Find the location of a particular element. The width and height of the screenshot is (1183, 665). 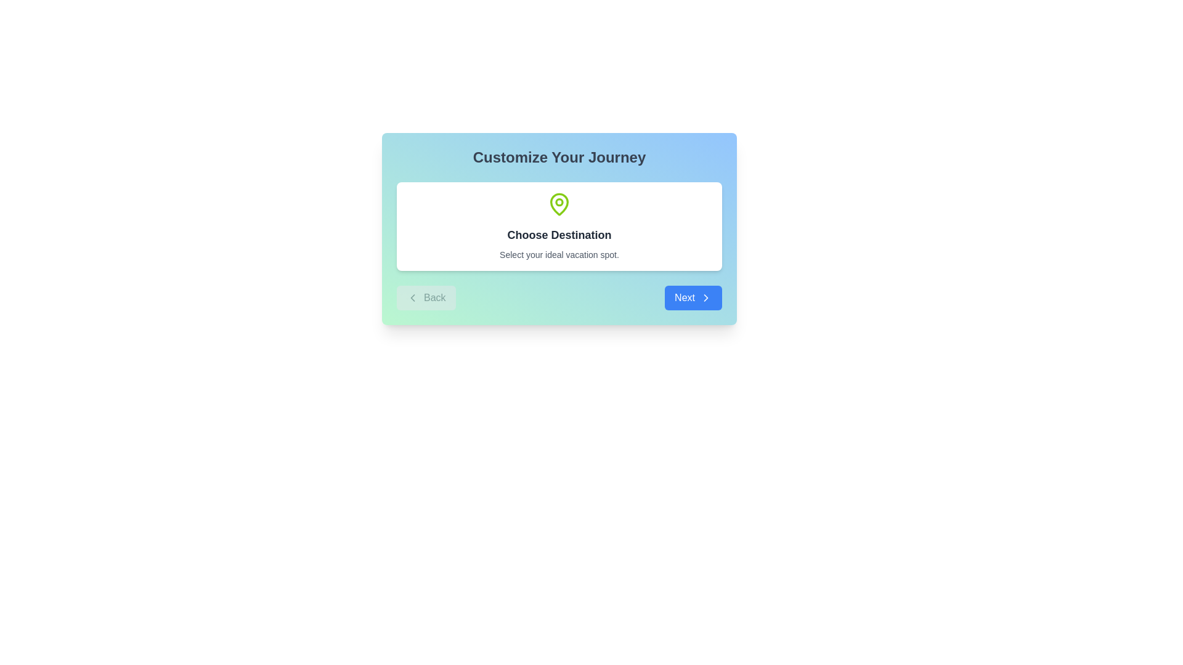

the instructional Text Label located directly below the 'Choose Destination' text, which provides guiding information to the user is located at coordinates (558, 254).